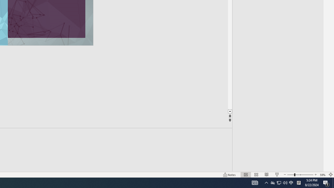 The width and height of the screenshot is (334, 188). Describe the element at coordinates (323, 175) in the screenshot. I see `'Zoom 59%'` at that location.